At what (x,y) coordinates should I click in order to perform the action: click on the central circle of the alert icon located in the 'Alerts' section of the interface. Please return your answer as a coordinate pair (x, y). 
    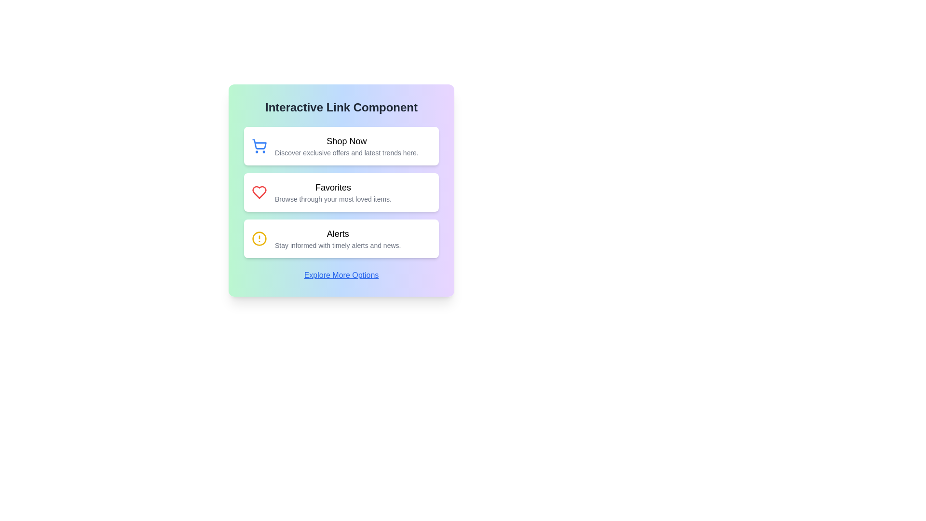
    Looking at the image, I should click on (259, 238).